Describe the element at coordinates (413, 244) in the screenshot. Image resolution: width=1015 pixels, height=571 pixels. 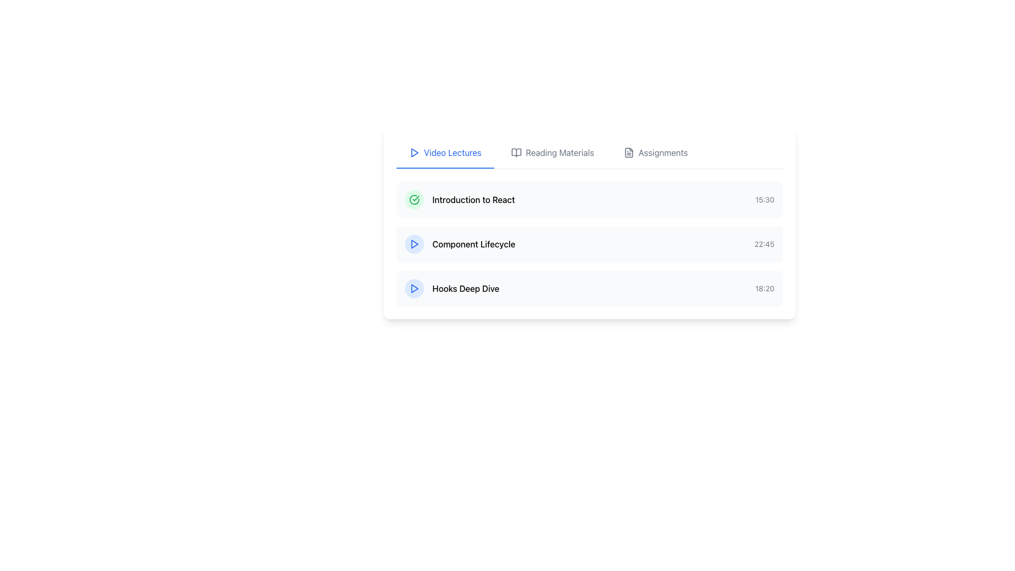
I see `the Play button located immediately to the left of the 'Component Lifecycle' text` at that location.